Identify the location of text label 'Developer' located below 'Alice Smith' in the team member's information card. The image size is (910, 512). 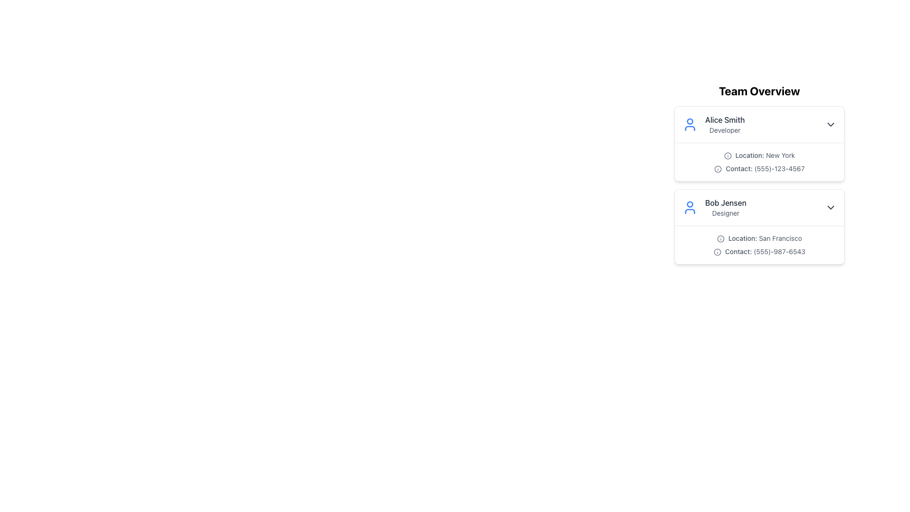
(724, 130).